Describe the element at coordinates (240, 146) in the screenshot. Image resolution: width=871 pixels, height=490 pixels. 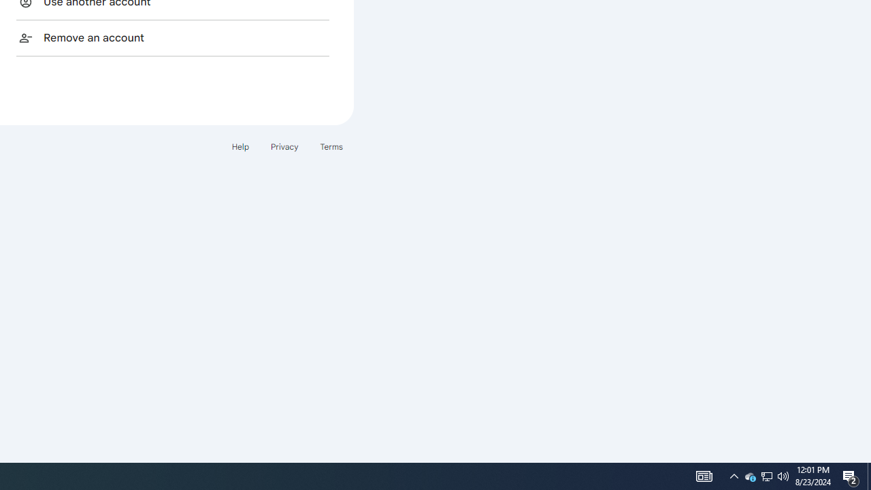
I see `'Help'` at that location.